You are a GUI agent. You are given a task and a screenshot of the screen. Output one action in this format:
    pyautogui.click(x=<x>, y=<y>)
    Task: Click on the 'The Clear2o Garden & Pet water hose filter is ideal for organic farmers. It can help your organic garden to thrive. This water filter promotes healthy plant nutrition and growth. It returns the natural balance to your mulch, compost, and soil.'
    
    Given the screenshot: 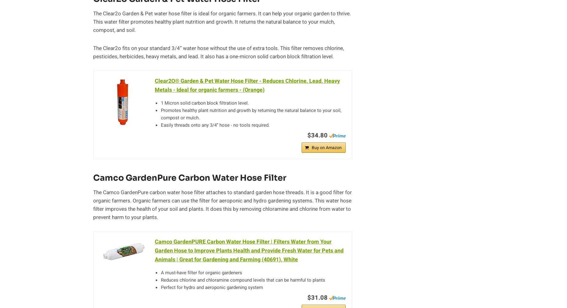 What is the action you would take?
    pyautogui.click(x=222, y=21)
    